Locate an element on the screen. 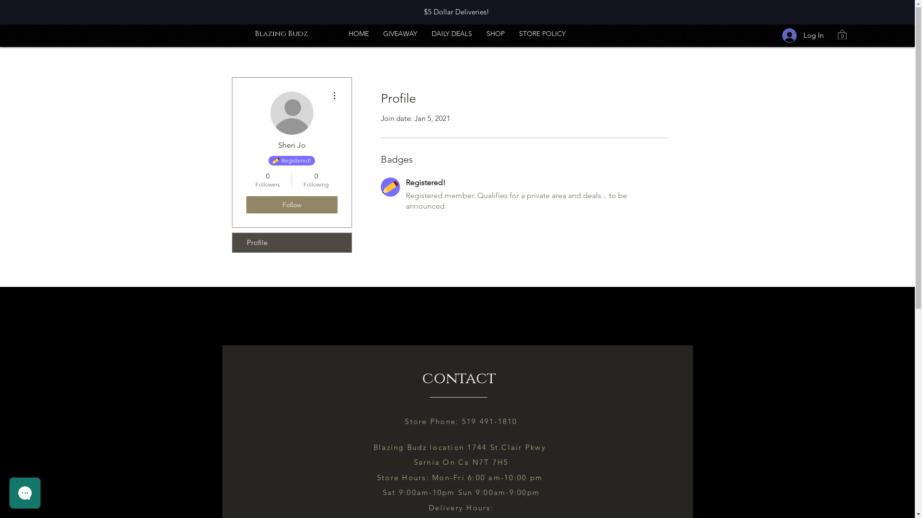  'DAILY DEALS' is located at coordinates (451, 33).